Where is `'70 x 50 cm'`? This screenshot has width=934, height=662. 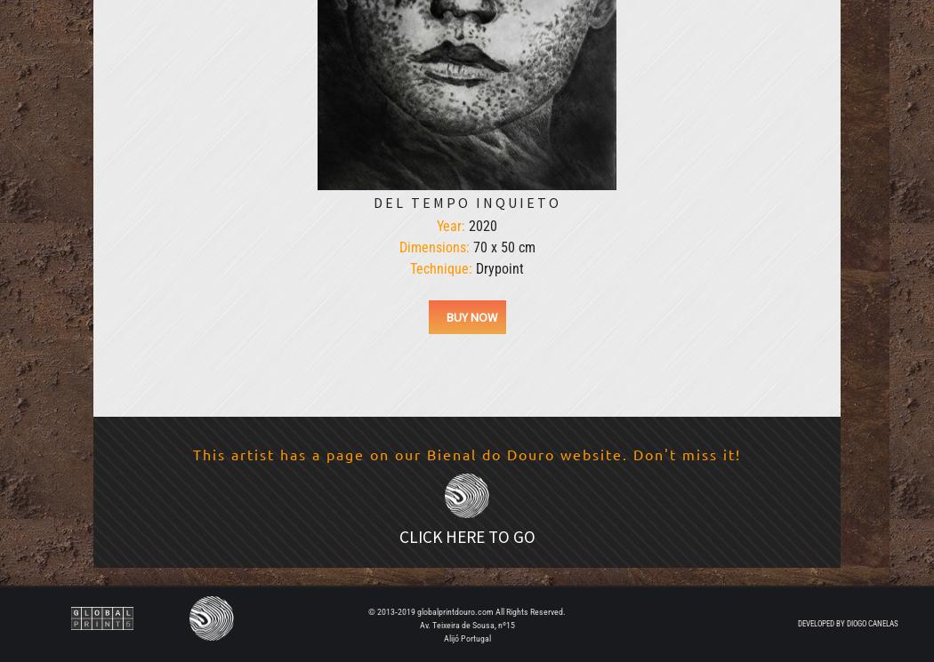 '70 x 50 cm' is located at coordinates (502, 246).